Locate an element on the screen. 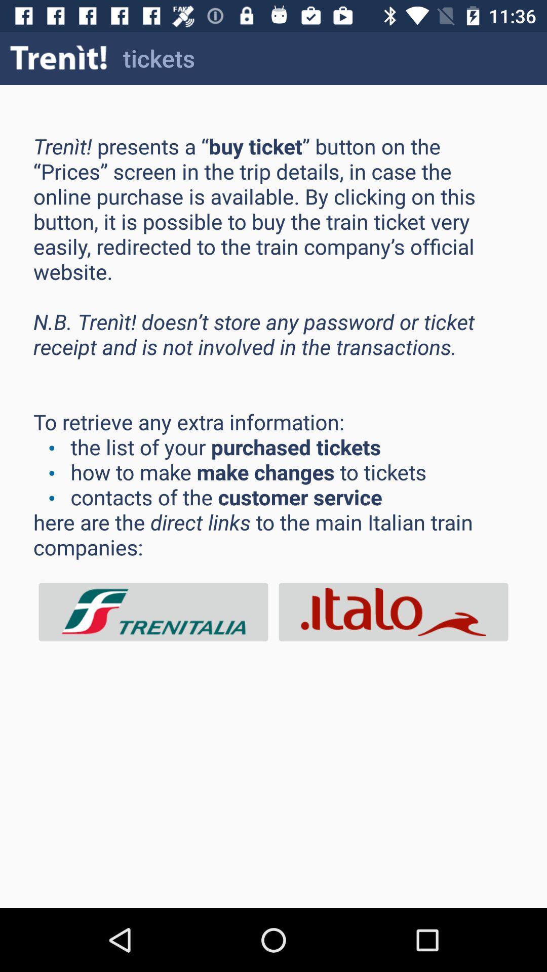 The width and height of the screenshot is (547, 972). hyperlink button is located at coordinates (153, 612).